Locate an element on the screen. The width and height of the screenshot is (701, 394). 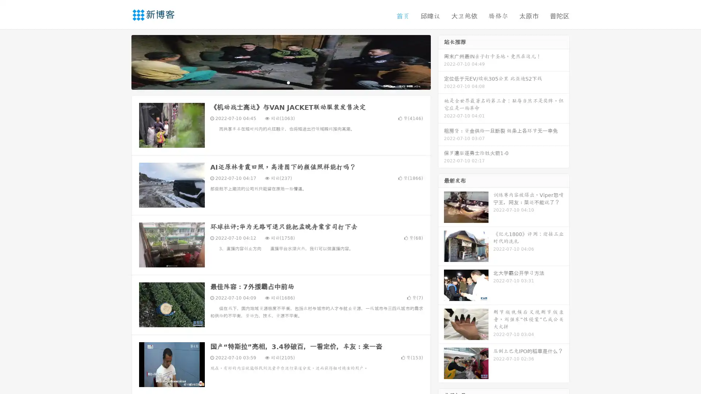
Previous slide is located at coordinates (120, 61).